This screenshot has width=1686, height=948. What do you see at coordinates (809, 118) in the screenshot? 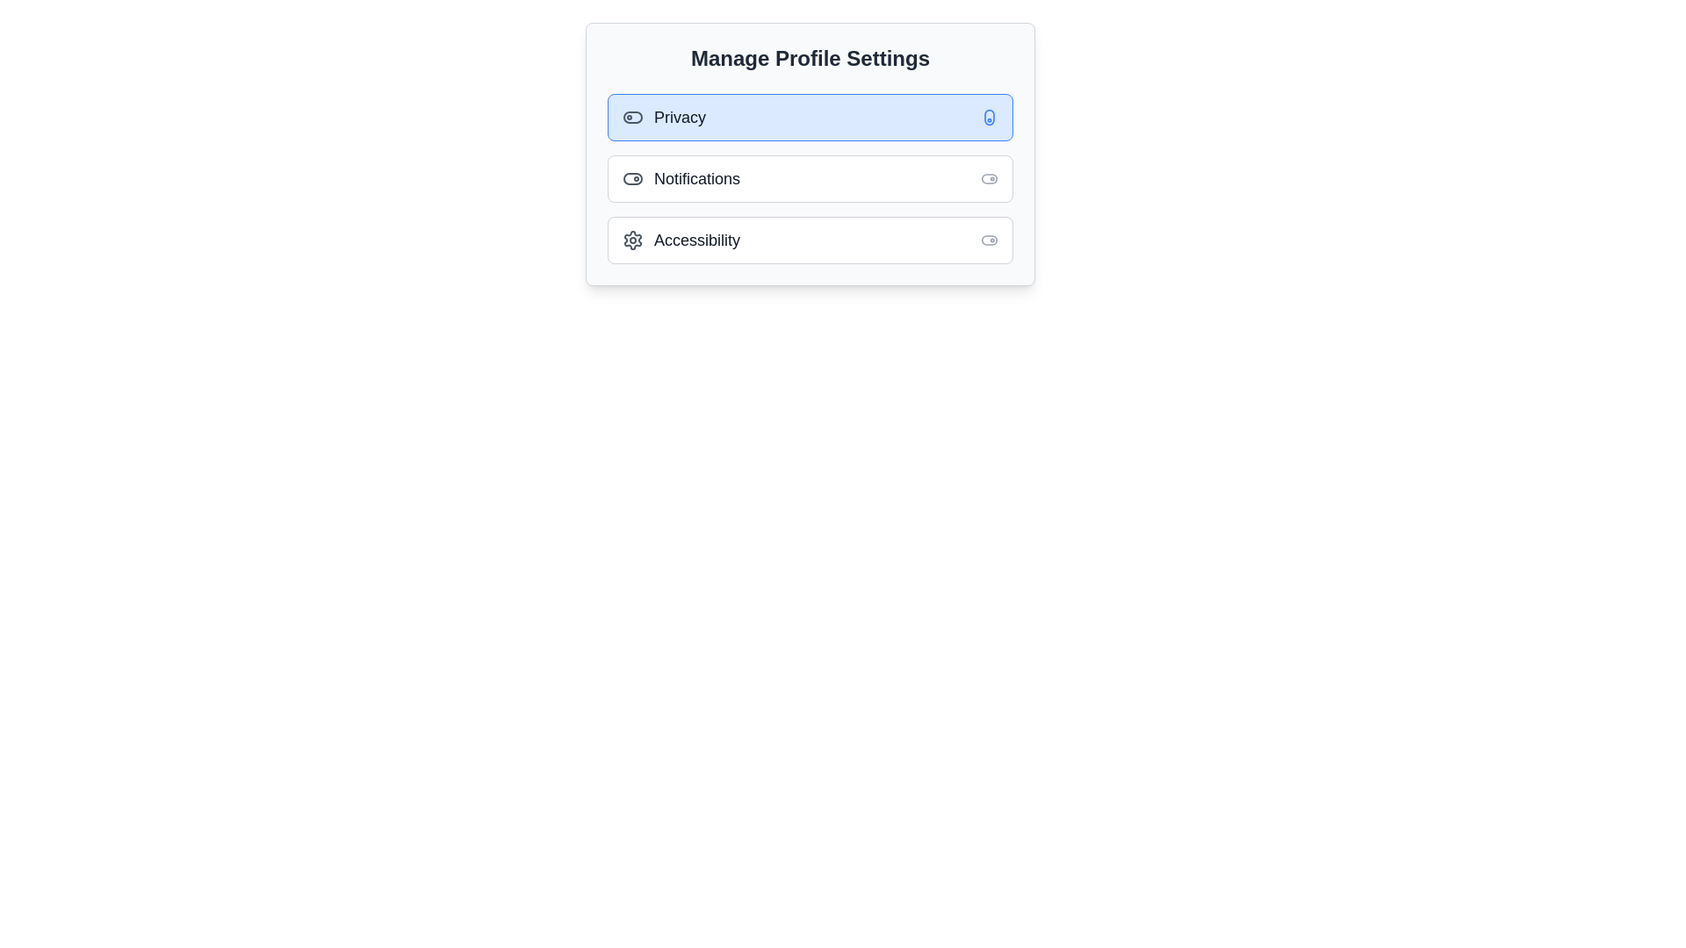
I see `the 'Privacy' settings option in the list` at bounding box center [809, 118].